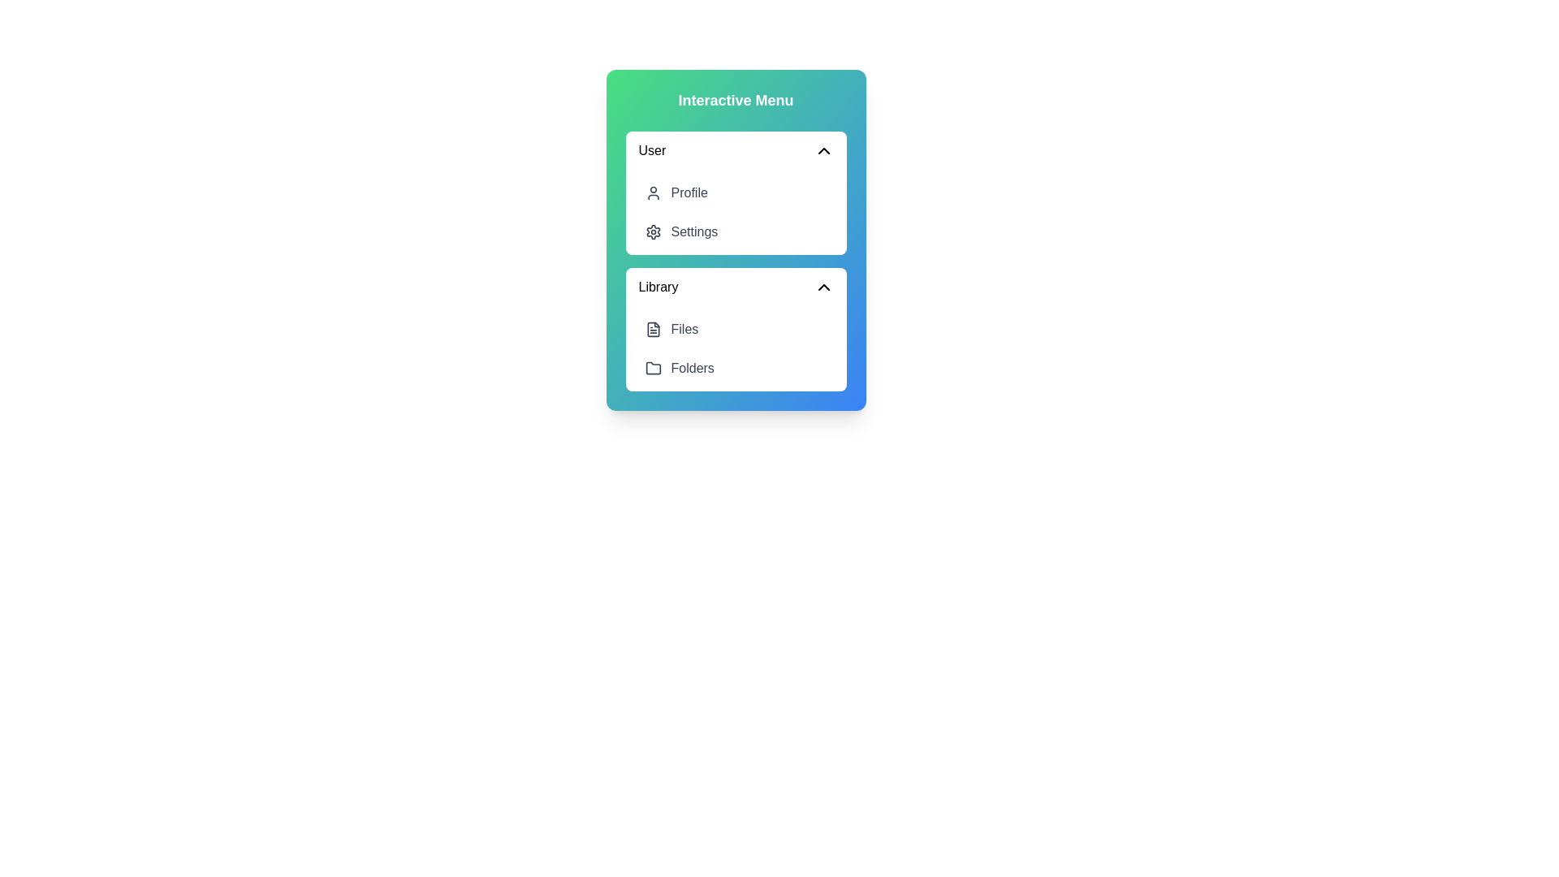 The width and height of the screenshot is (1559, 877). Describe the element at coordinates (735, 150) in the screenshot. I see `the menu item User to observe its hover style` at that location.